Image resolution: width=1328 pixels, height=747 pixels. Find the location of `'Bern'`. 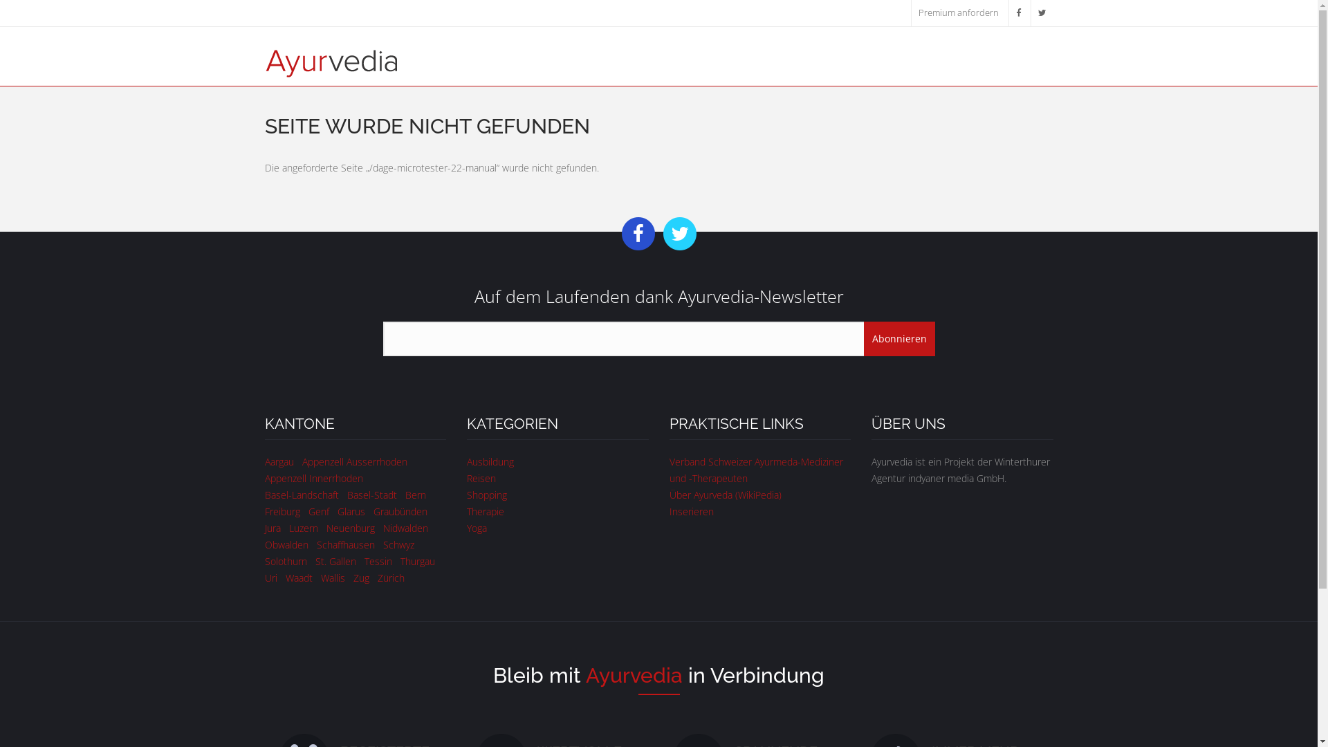

'Bern' is located at coordinates (414, 494).